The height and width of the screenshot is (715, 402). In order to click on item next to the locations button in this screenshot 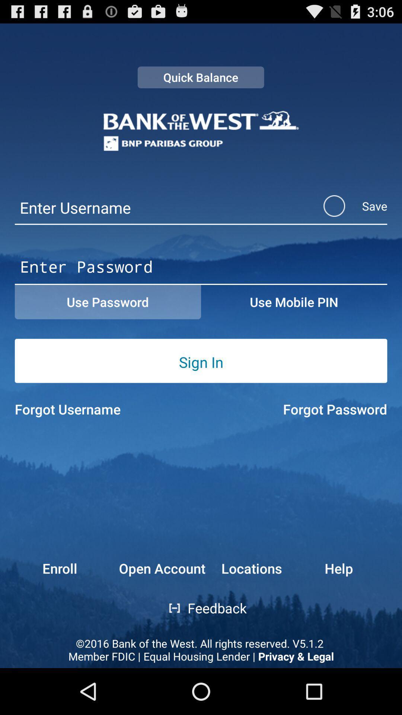, I will do `click(162, 568)`.